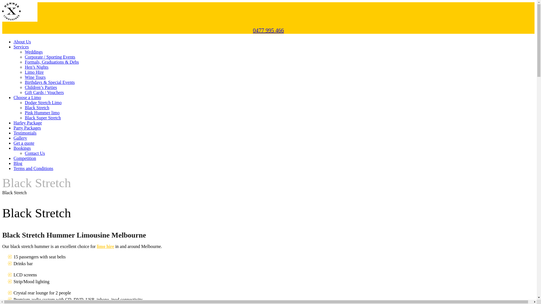 This screenshot has width=541, height=304. What do you see at coordinates (22, 148) in the screenshot?
I see `'Bookings'` at bounding box center [22, 148].